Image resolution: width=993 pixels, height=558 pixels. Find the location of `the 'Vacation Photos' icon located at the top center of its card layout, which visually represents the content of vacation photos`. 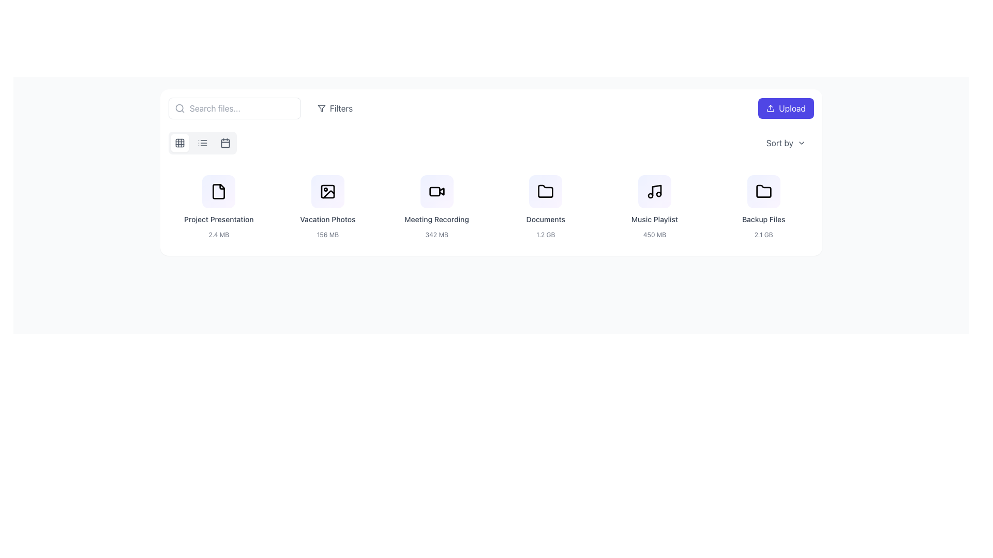

the 'Vacation Photos' icon located at the top center of its card layout, which visually represents the content of vacation photos is located at coordinates (327, 191).